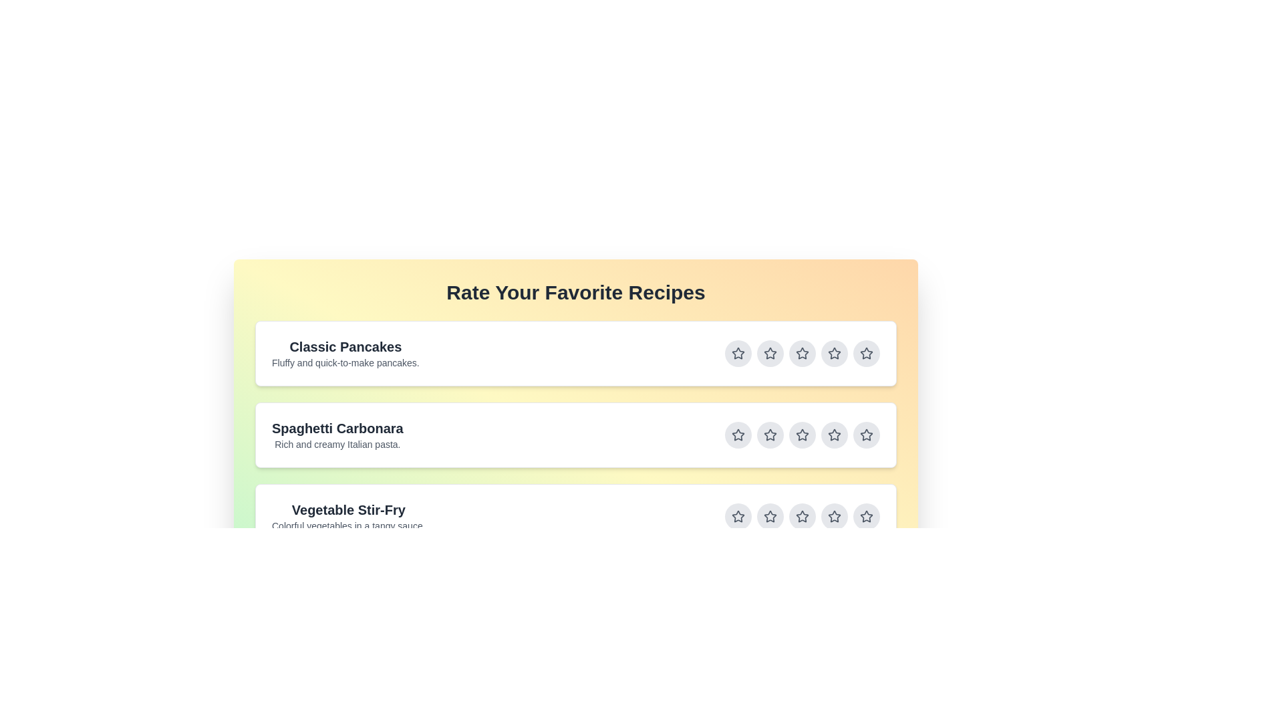 This screenshot has height=722, width=1283. Describe the element at coordinates (802, 352) in the screenshot. I see `the star button corresponding to 3 stars for the recipe titled Classic Pancakes` at that location.